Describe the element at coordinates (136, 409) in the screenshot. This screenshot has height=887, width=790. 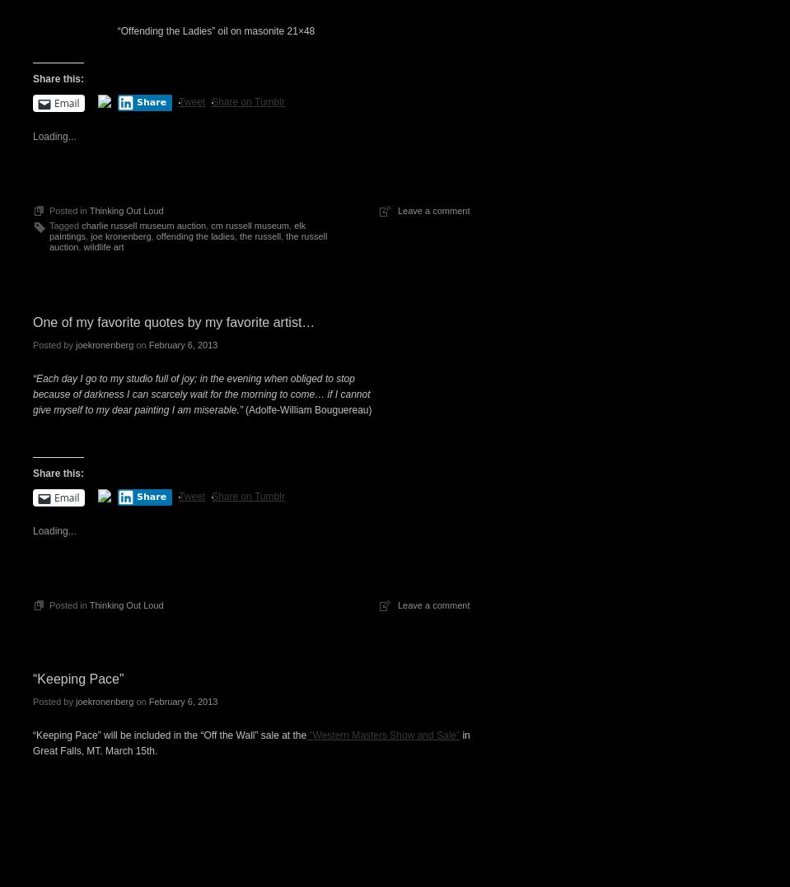
I see `'give myself to my dear painting I am miserable.”'` at that location.